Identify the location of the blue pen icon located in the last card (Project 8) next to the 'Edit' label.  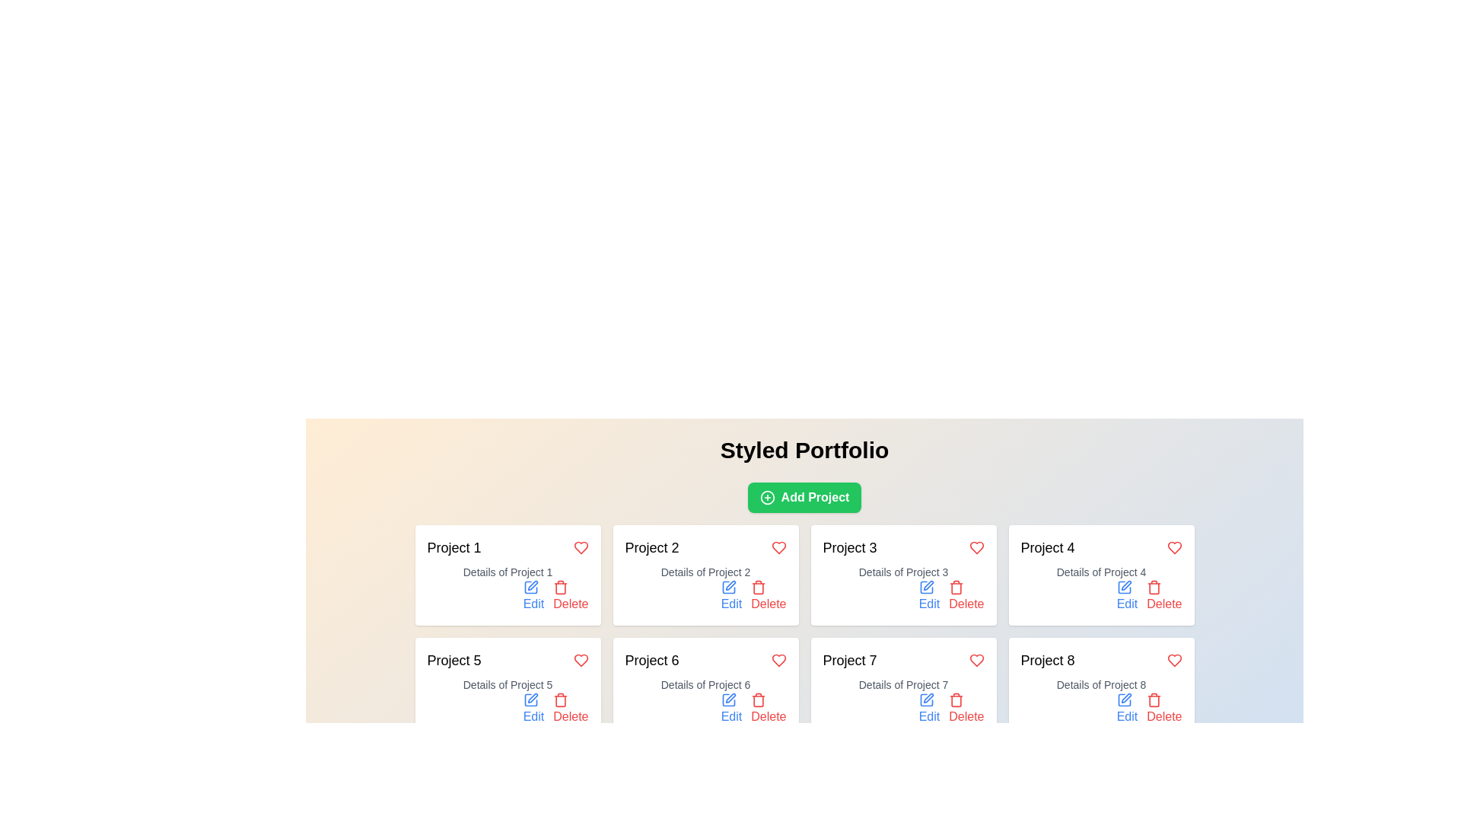
(1124, 700).